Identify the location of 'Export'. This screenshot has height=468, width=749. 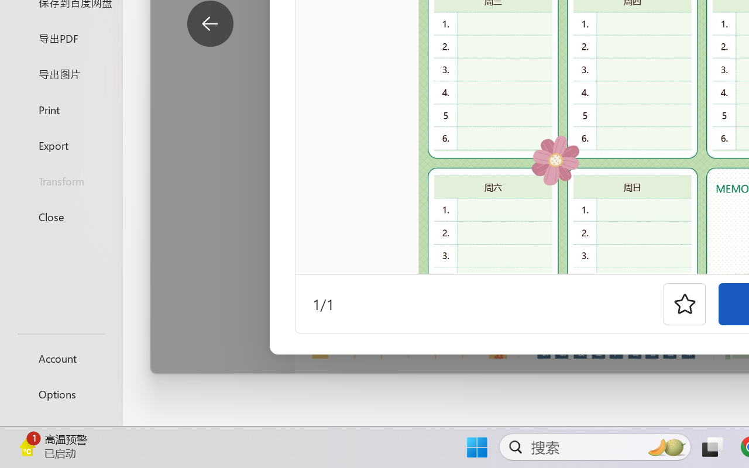
(60, 144).